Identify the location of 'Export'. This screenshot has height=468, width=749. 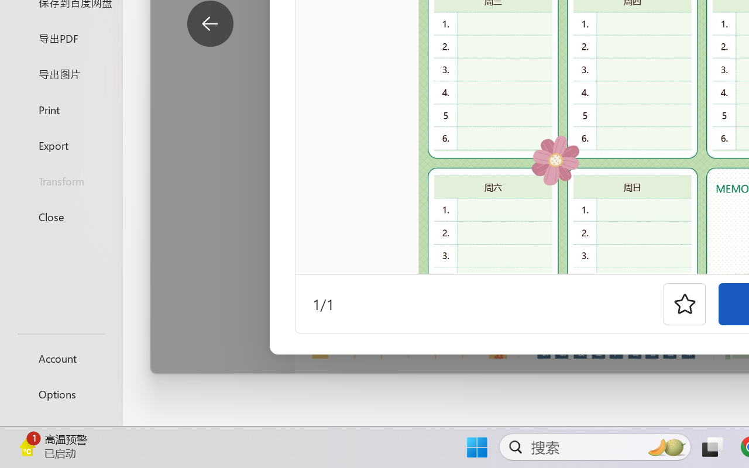
(60, 144).